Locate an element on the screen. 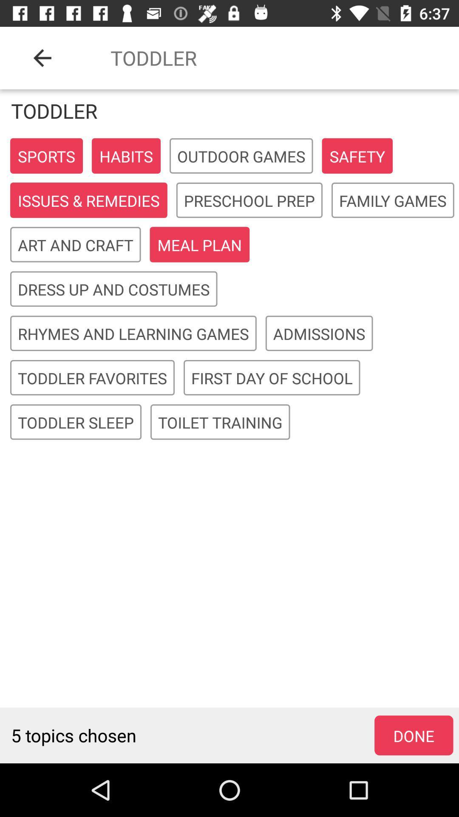 The height and width of the screenshot is (817, 459). item above the first day of is located at coordinates (319, 333).